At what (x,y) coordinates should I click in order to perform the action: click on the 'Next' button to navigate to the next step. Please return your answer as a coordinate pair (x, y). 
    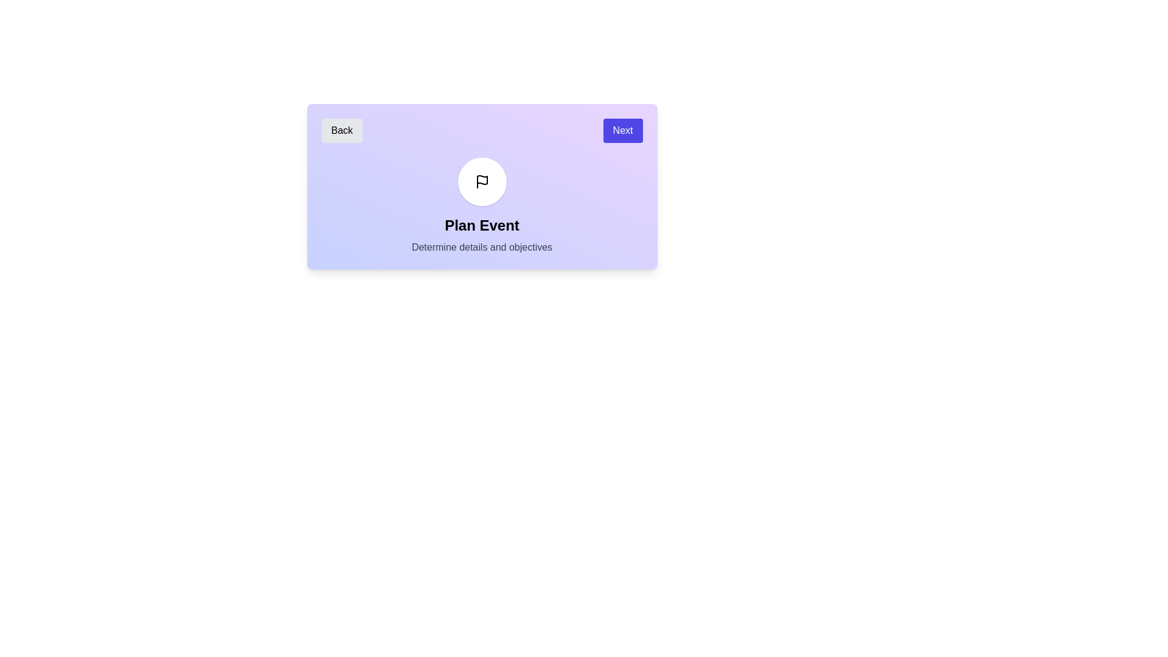
    Looking at the image, I should click on (622, 131).